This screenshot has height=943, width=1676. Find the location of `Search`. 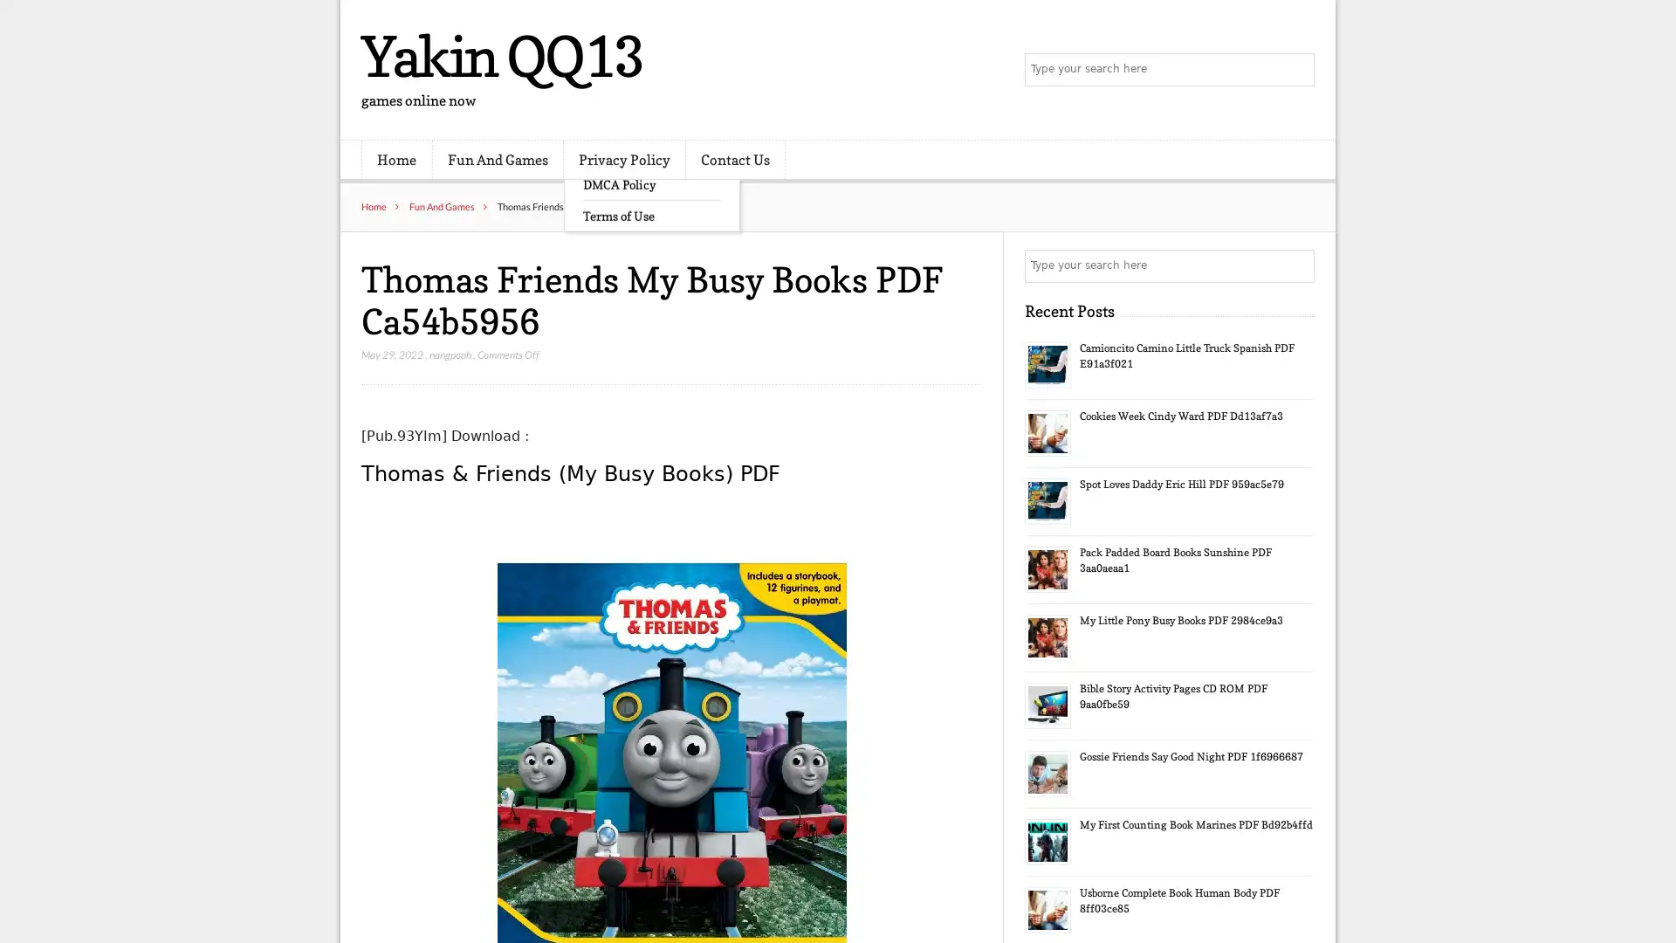

Search is located at coordinates (1296, 70).